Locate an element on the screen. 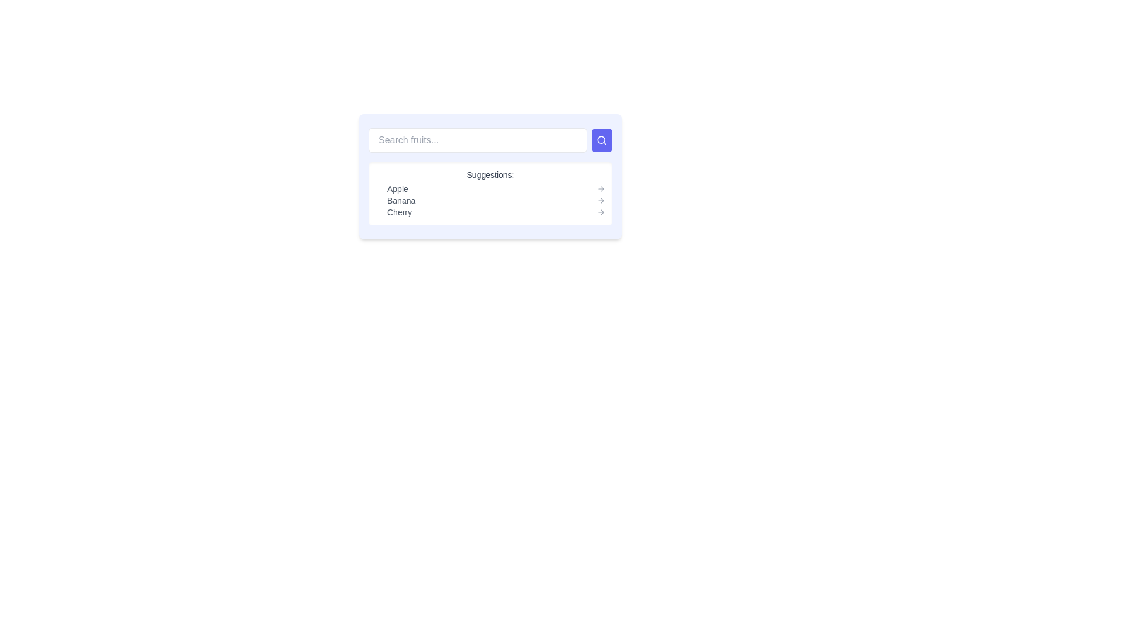 Image resolution: width=1125 pixels, height=632 pixels. the search icon button located at the far-right of the horizontal input group to initiate a search operation based on the user's input in the adjacent text-search field is located at coordinates (602, 139).